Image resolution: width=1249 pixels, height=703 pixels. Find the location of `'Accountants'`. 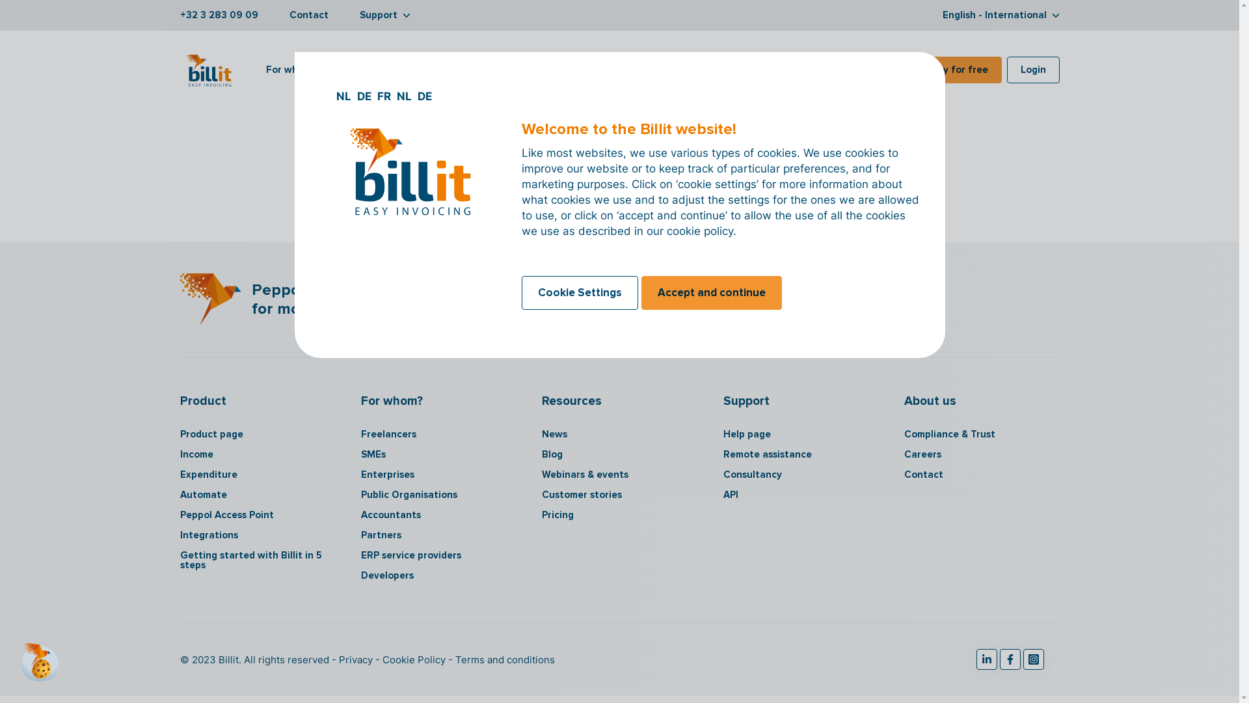

'Accountants' is located at coordinates (361, 514).